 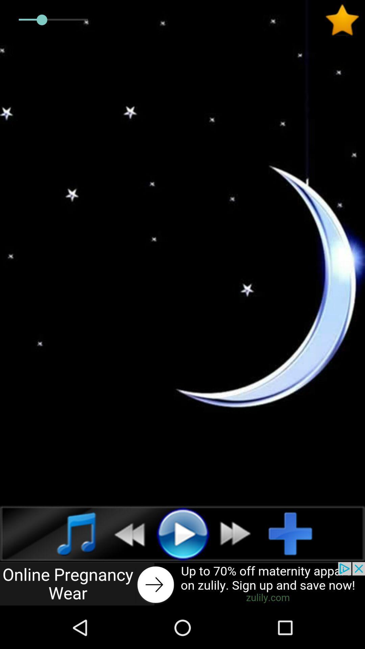 What do you see at coordinates (182, 584) in the screenshot?
I see `online pregnancy wear` at bounding box center [182, 584].